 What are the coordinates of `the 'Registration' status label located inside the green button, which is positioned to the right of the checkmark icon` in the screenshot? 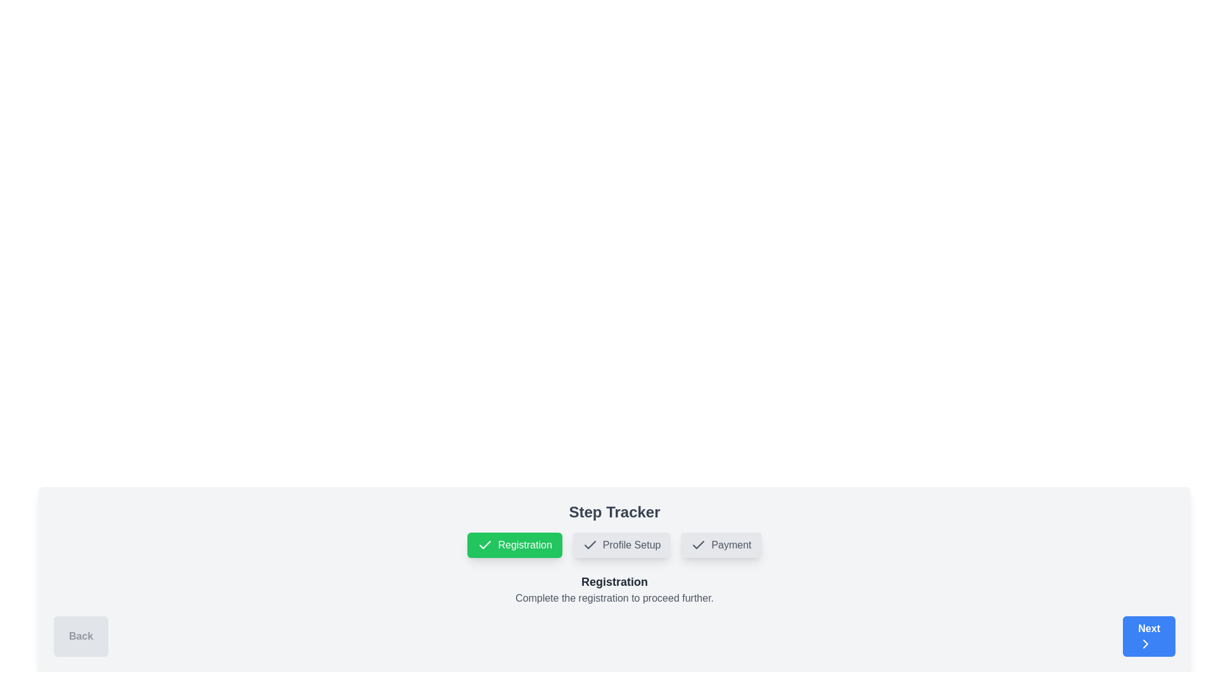 It's located at (525, 544).